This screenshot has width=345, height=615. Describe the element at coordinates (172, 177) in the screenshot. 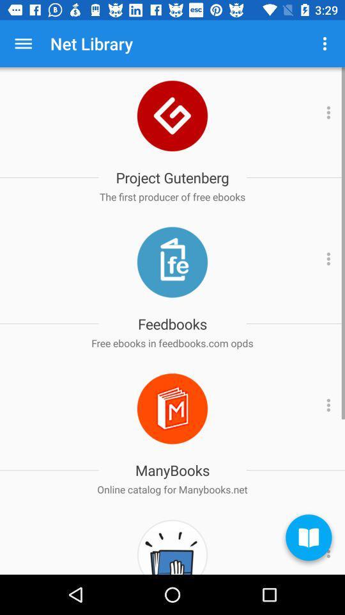

I see `the project gutenberg item` at that location.